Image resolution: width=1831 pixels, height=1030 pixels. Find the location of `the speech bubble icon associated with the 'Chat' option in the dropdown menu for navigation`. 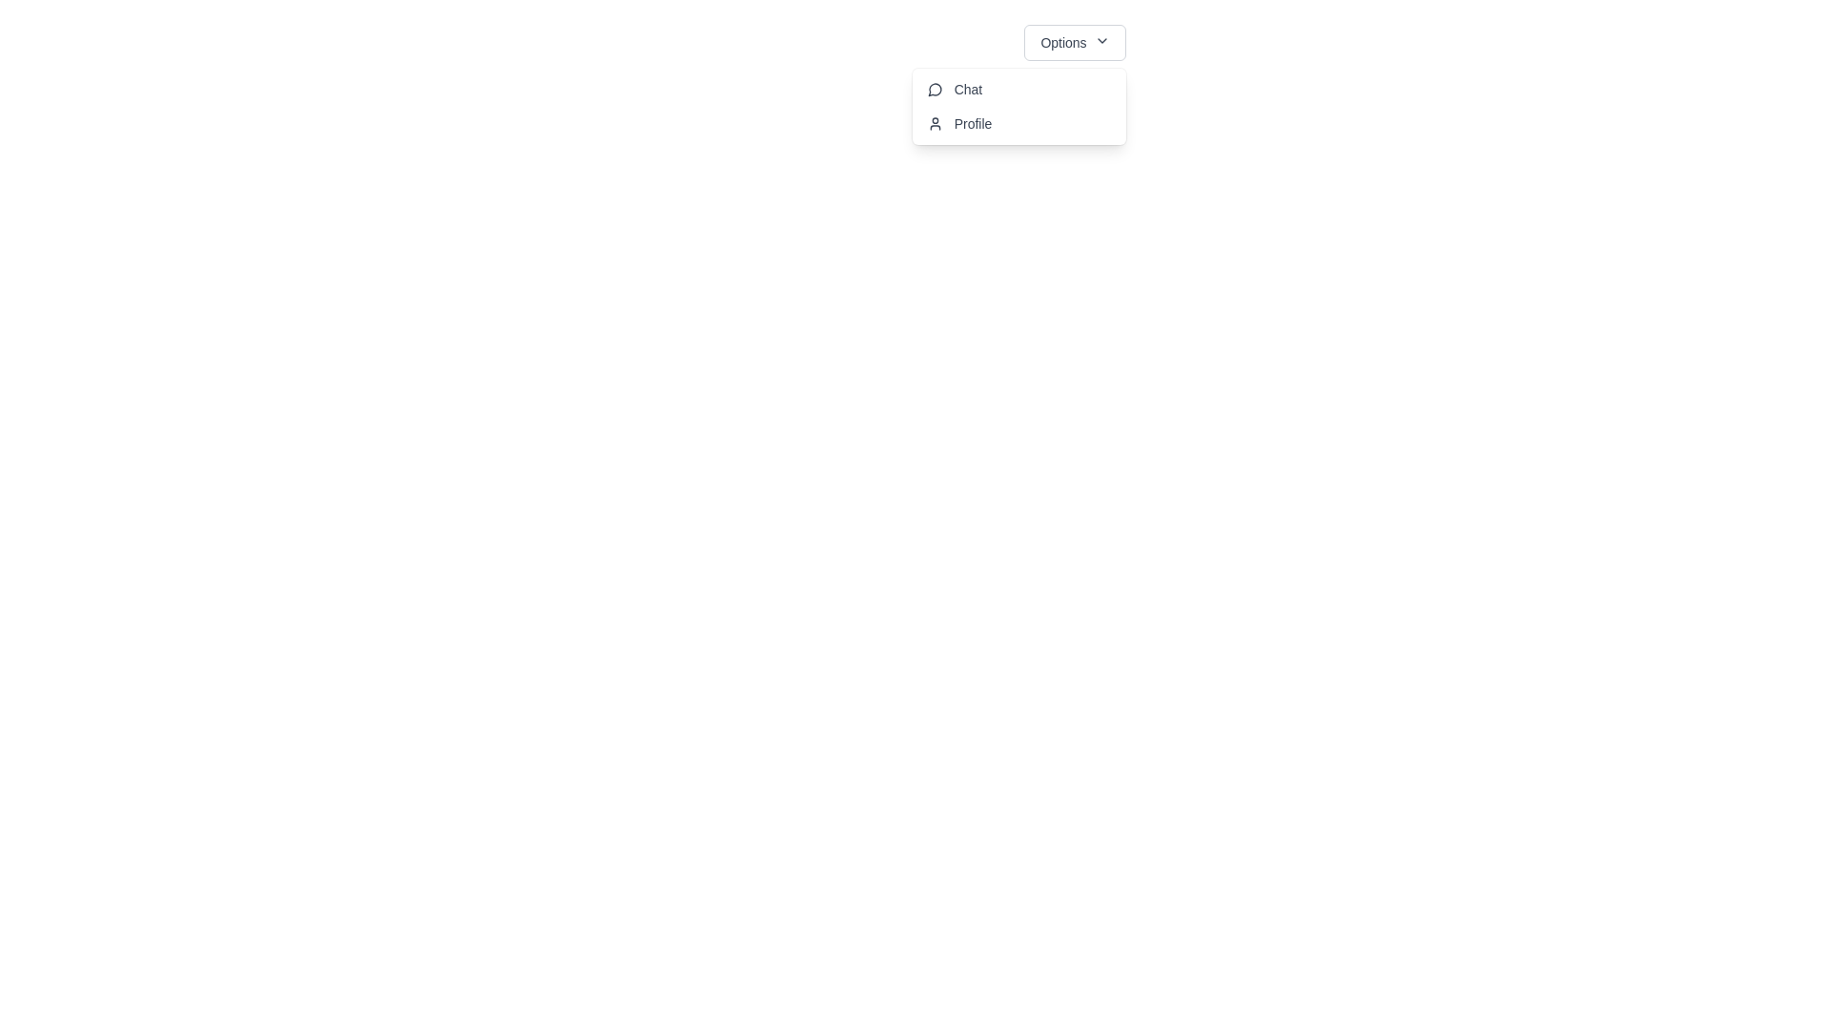

the speech bubble icon associated with the 'Chat' option in the dropdown menu for navigation is located at coordinates (935, 89).